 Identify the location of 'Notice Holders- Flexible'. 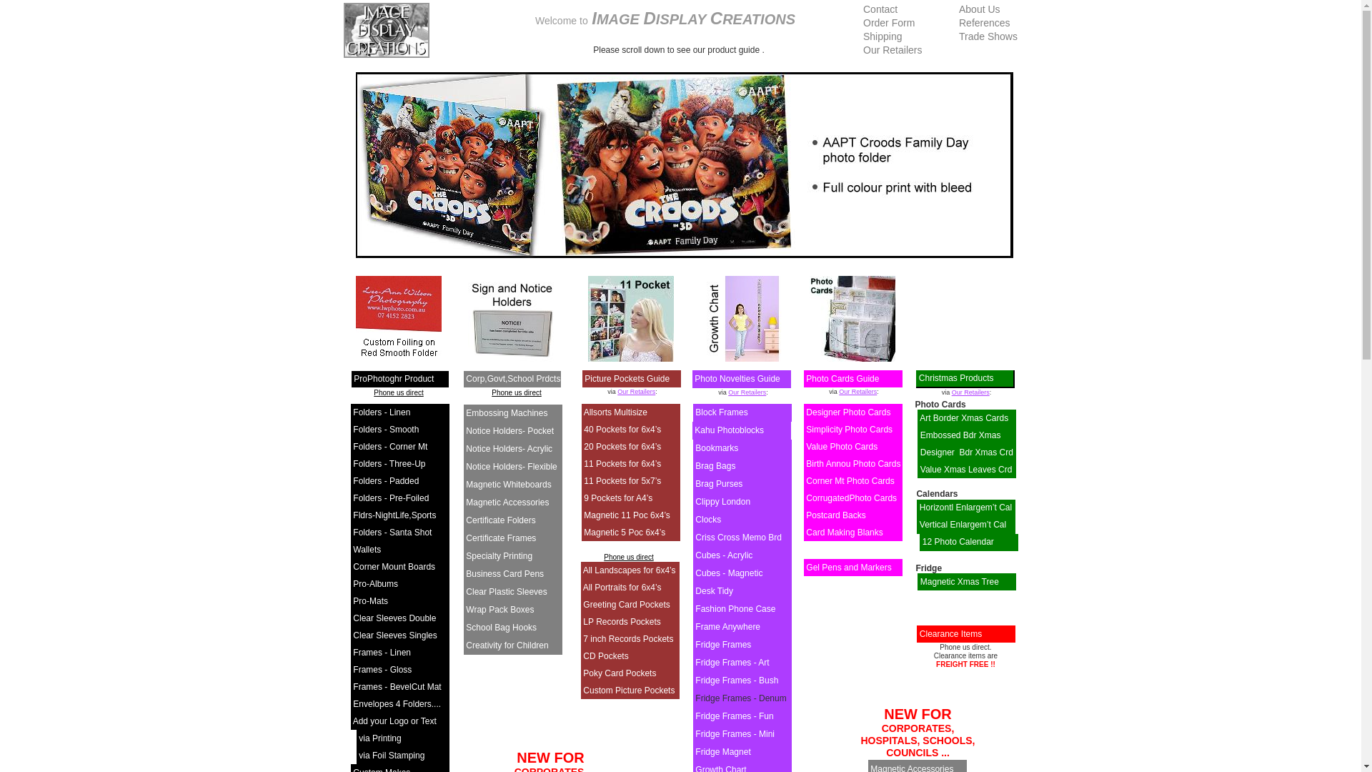
(511, 466).